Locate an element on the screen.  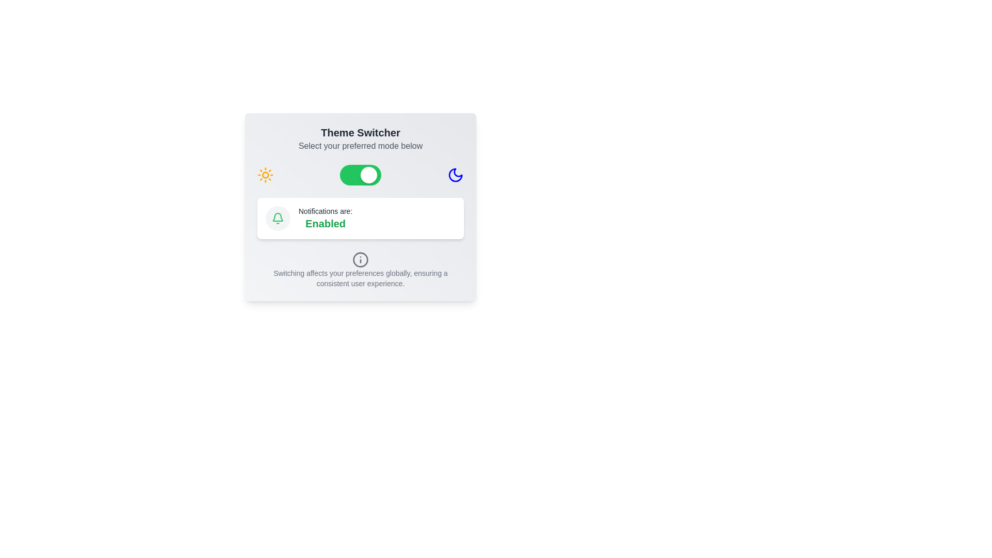
the green toggle switch with a white circular handle, located between the orange sun icon and the blue moon icon is located at coordinates (360, 175).